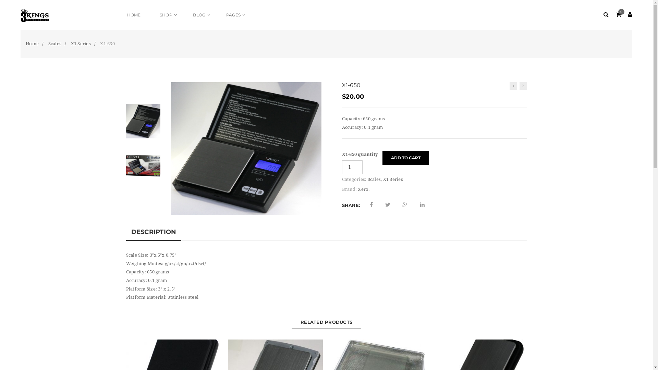  Describe the element at coordinates (374, 179) in the screenshot. I see `'Scales'` at that location.